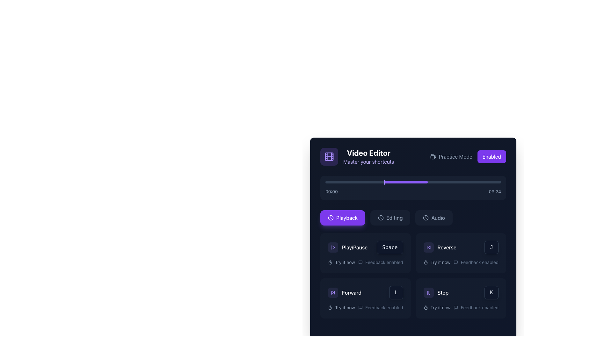 This screenshot has height=344, width=612. What do you see at coordinates (451, 157) in the screenshot?
I see `the Textual Label indicating the current mode or state of the system, located in the upper-right section of the interface, between the coffee cup icon and the 'Enabled' button` at bounding box center [451, 157].